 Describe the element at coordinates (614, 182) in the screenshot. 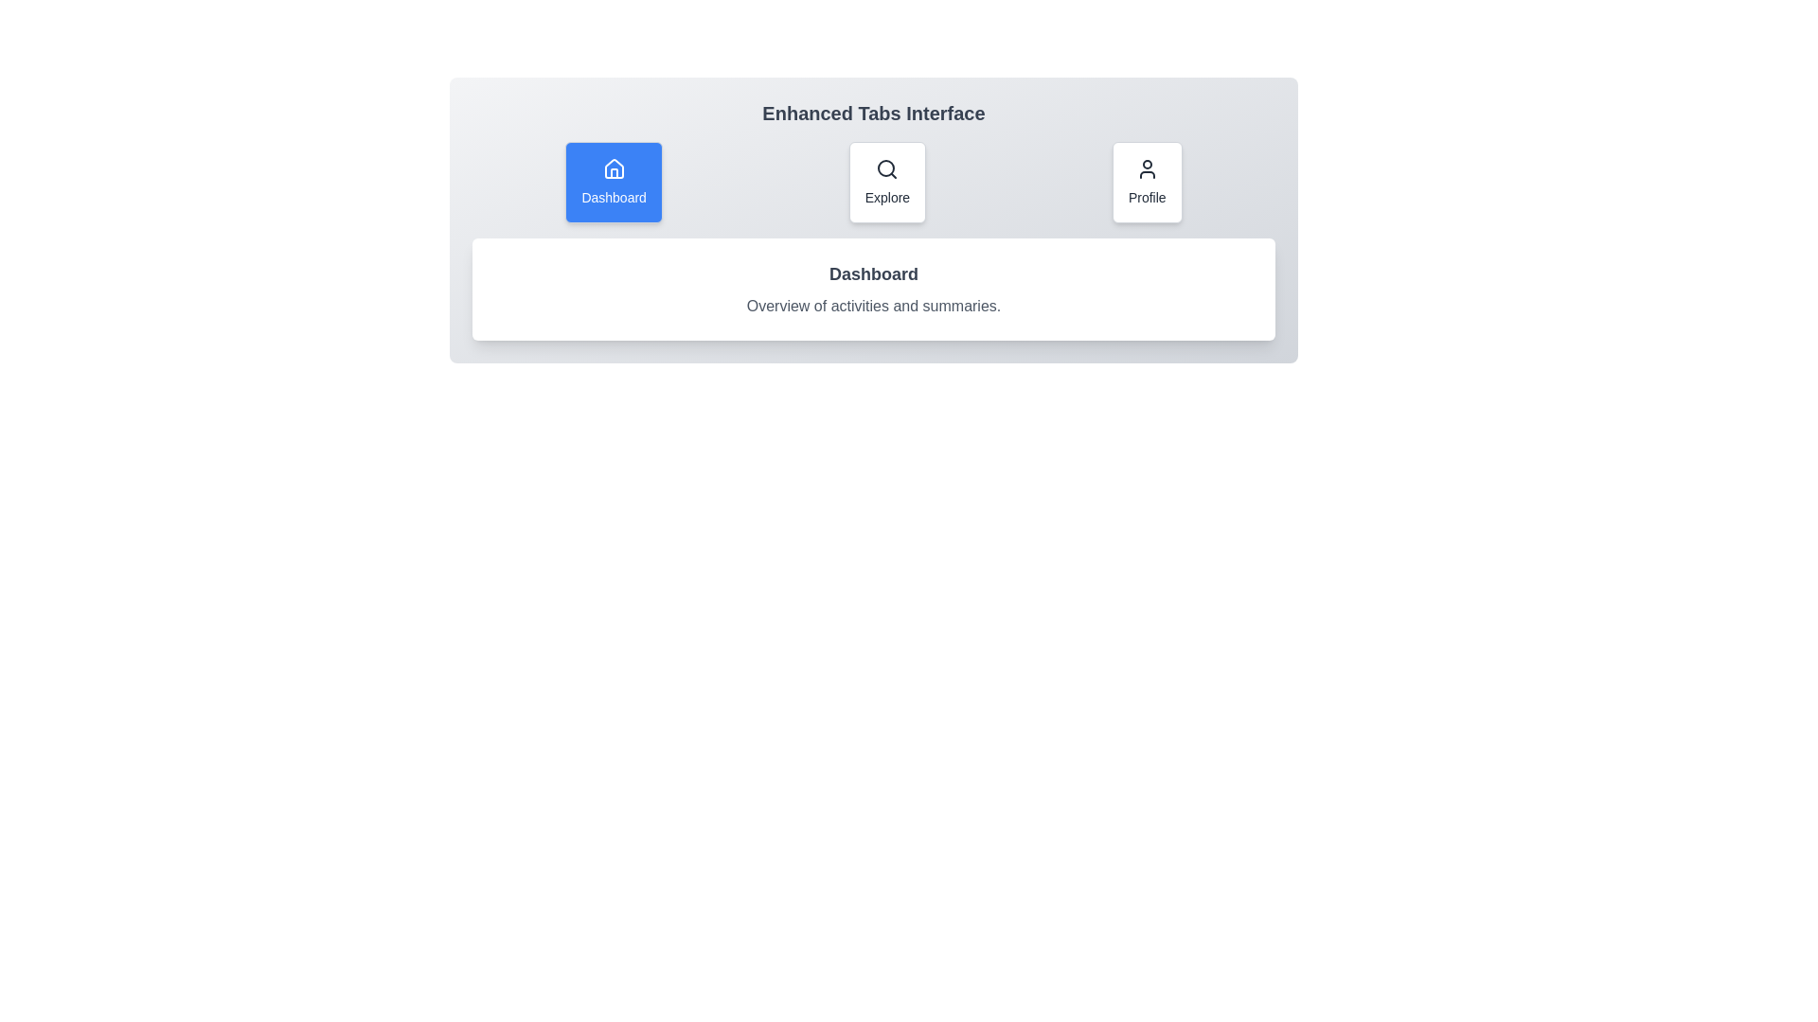

I see `the Dashboard tab to see its hover effect` at that location.